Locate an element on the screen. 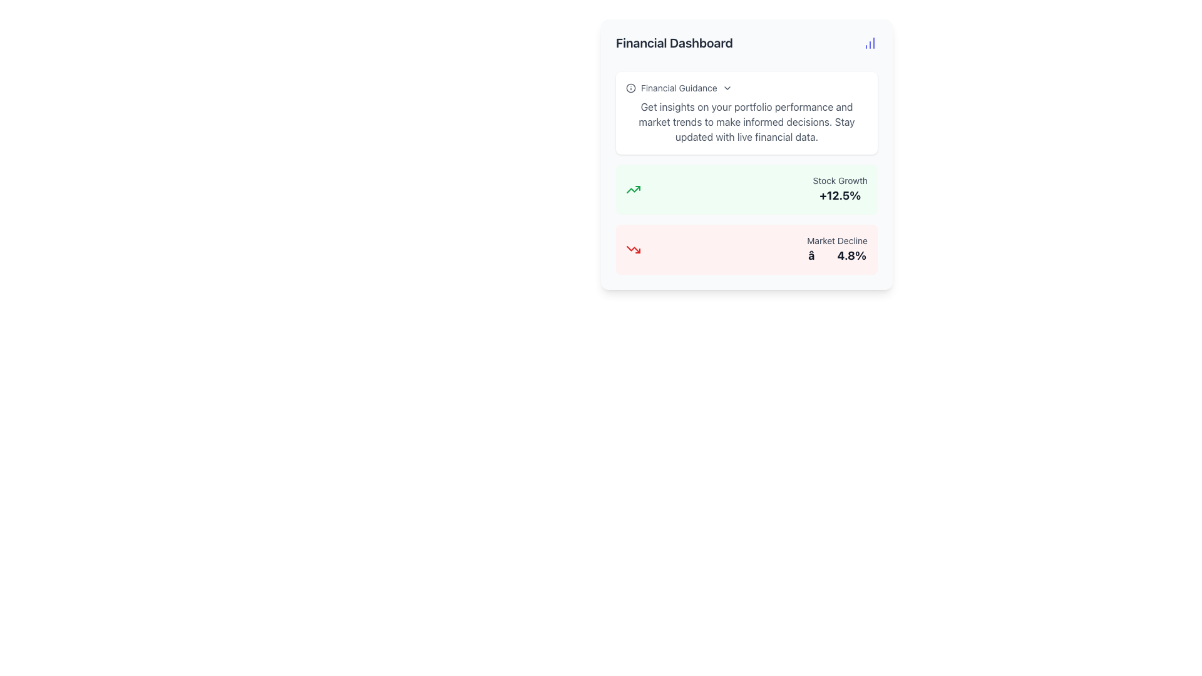 This screenshot has height=676, width=1202. text of the label displaying 'Market Decline', which is light-gray and positioned beneath the 'Stock Growth' section, next to the '-4.8%' figure is located at coordinates (837, 241).